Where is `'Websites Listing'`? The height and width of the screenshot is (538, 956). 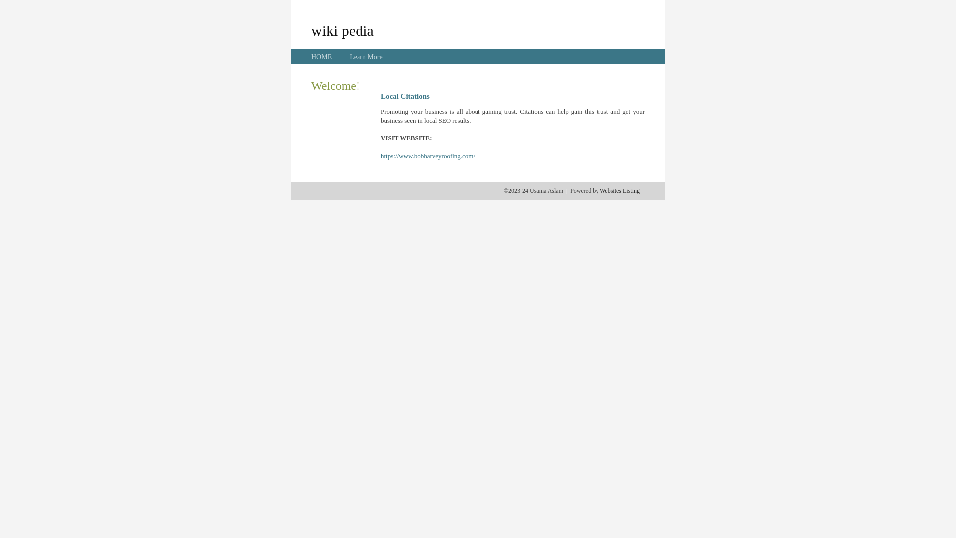
'Websites Listing' is located at coordinates (619, 190).